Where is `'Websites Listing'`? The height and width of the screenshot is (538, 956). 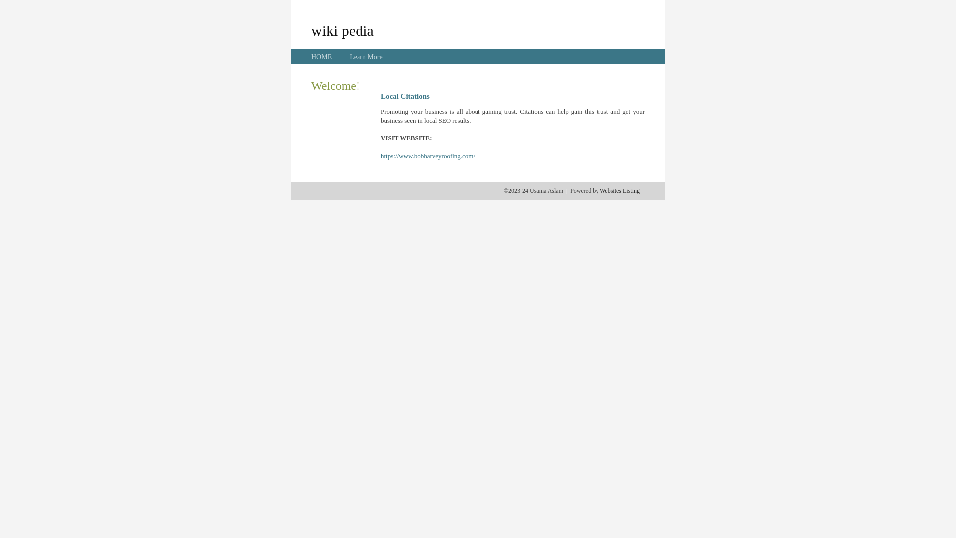
'Websites Listing' is located at coordinates (619, 190).